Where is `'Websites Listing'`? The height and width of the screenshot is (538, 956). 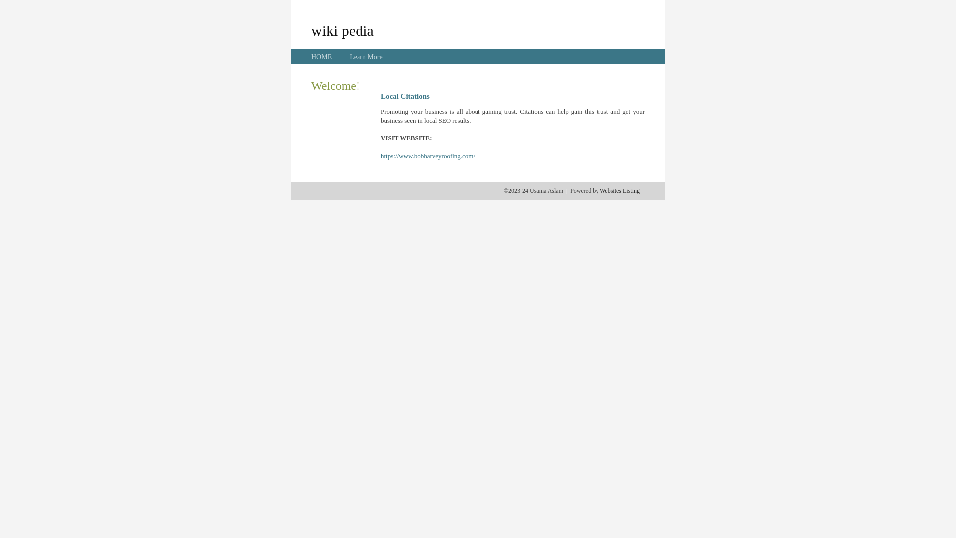
'Websites Listing' is located at coordinates (619, 190).